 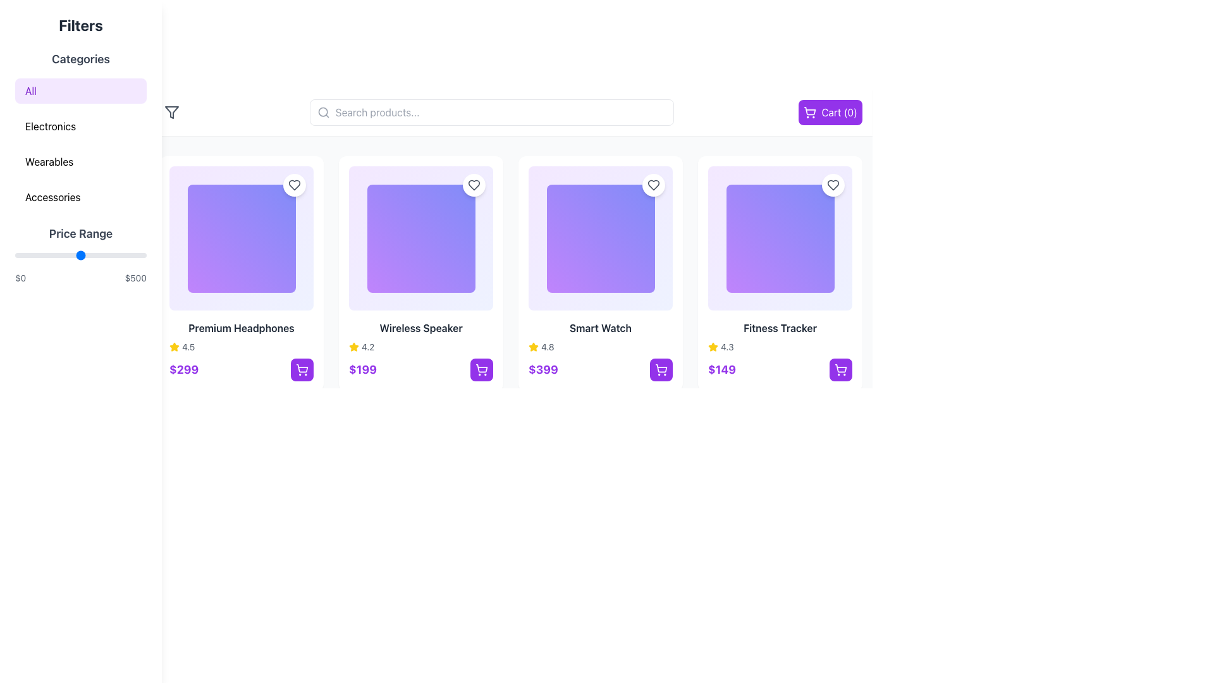 I want to click on the purple button with rounded edges and a white cart icon at its center, so click(x=840, y=370).